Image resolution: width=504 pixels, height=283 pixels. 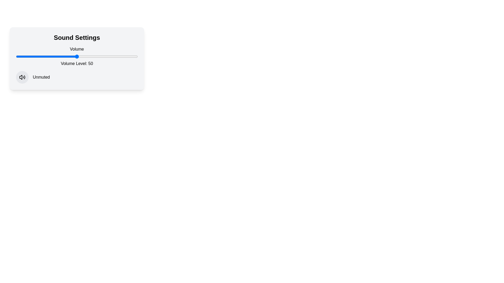 I want to click on the volume level, so click(x=34, y=57).